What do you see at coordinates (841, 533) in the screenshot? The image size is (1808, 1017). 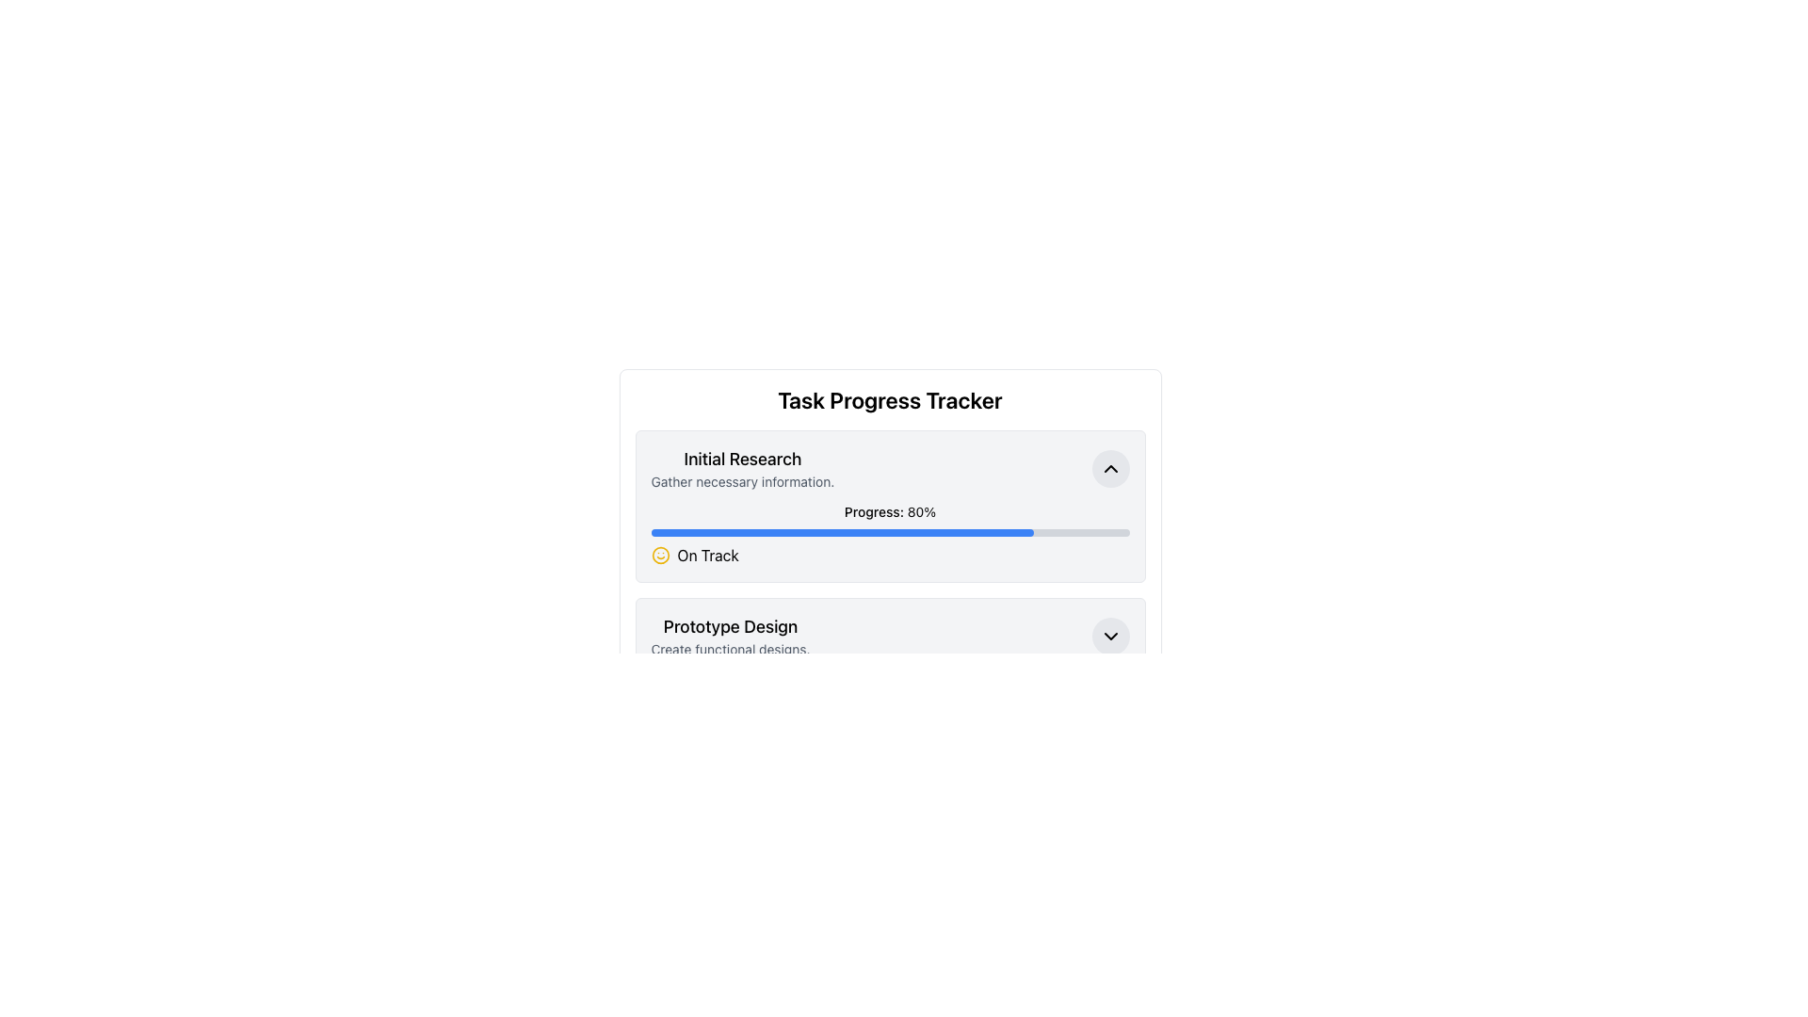 I see `visual representation of the progress bar located below the 'Progress: 80%' text for 'Initial Research'` at bounding box center [841, 533].